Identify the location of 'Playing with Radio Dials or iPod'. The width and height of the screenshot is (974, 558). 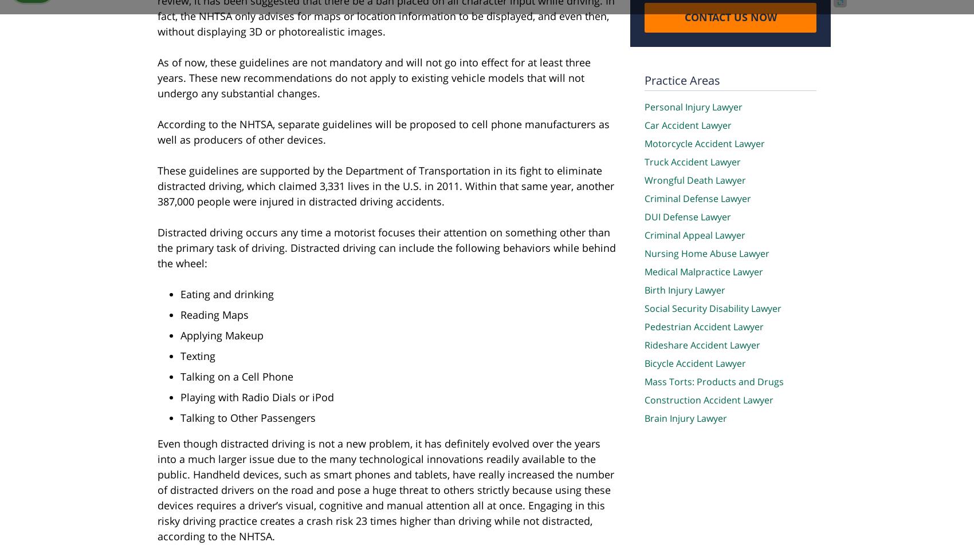
(180, 396).